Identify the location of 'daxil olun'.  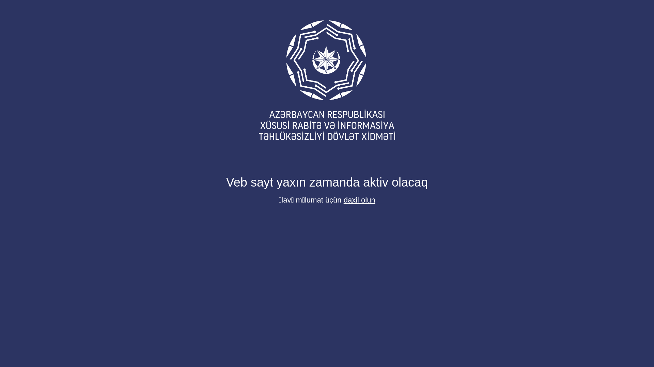
(359, 199).